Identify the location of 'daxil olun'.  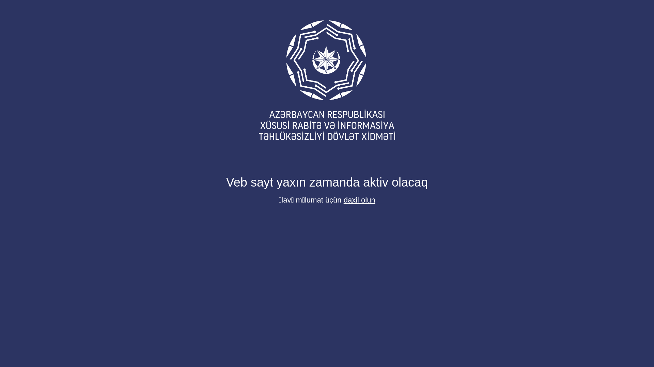
(359, 199).